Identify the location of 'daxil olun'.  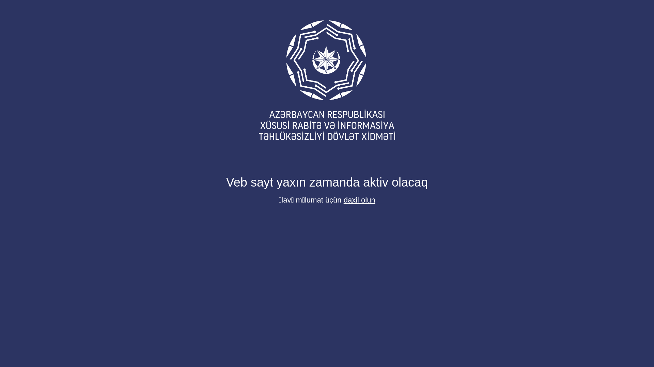
(359, 199).